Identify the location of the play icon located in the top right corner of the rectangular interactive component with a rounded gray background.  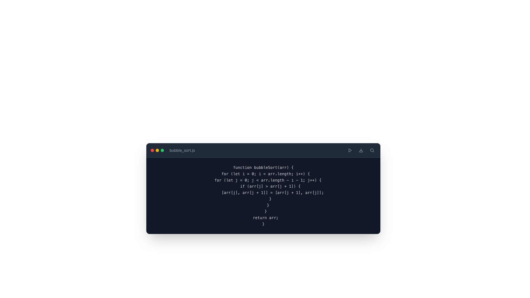
(349, 150).